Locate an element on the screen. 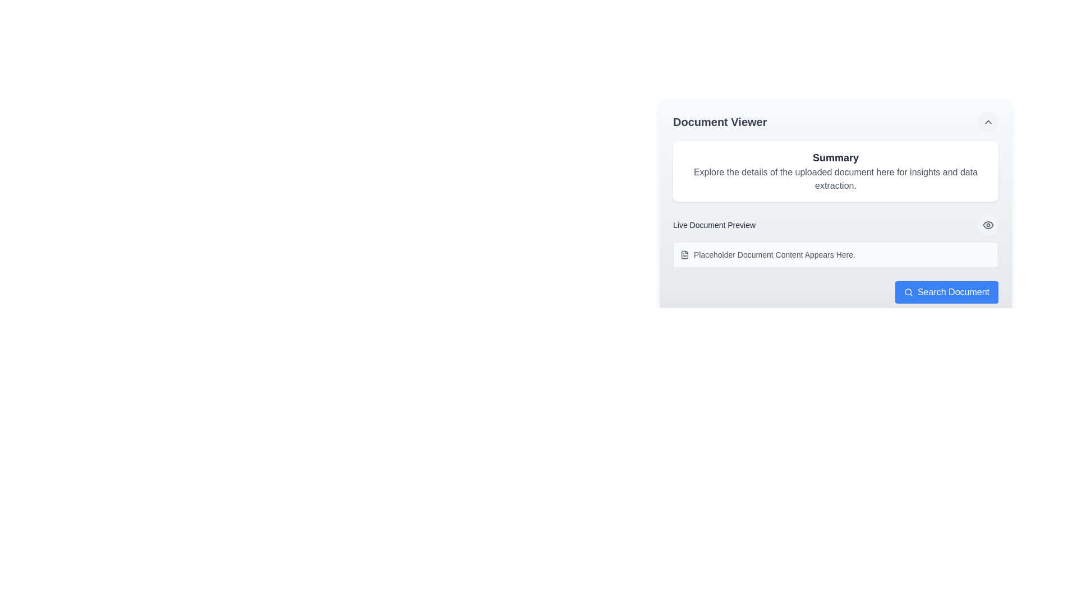 The image size is (1077, 605). the rectangular button with a bright blue background and white text reading 'Search Document' is located at coordinates (946, 291).